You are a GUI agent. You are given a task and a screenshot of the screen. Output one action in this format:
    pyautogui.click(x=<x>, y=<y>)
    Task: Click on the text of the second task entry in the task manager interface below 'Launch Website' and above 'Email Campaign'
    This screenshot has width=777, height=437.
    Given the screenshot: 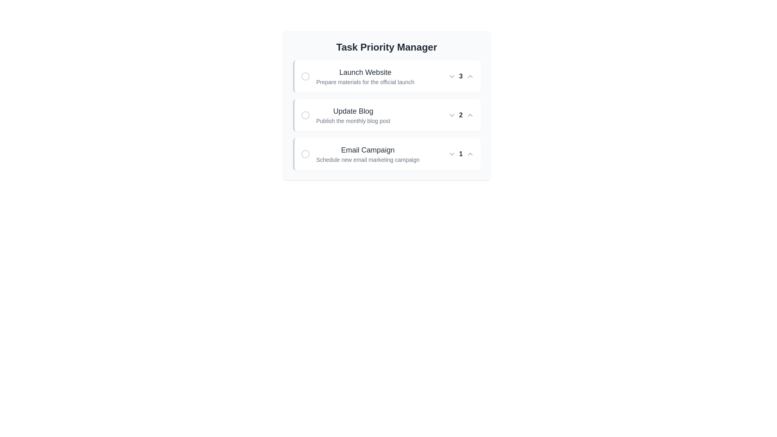 What is the action you would take?
    pyautogui.click(x=353, y=115)
    